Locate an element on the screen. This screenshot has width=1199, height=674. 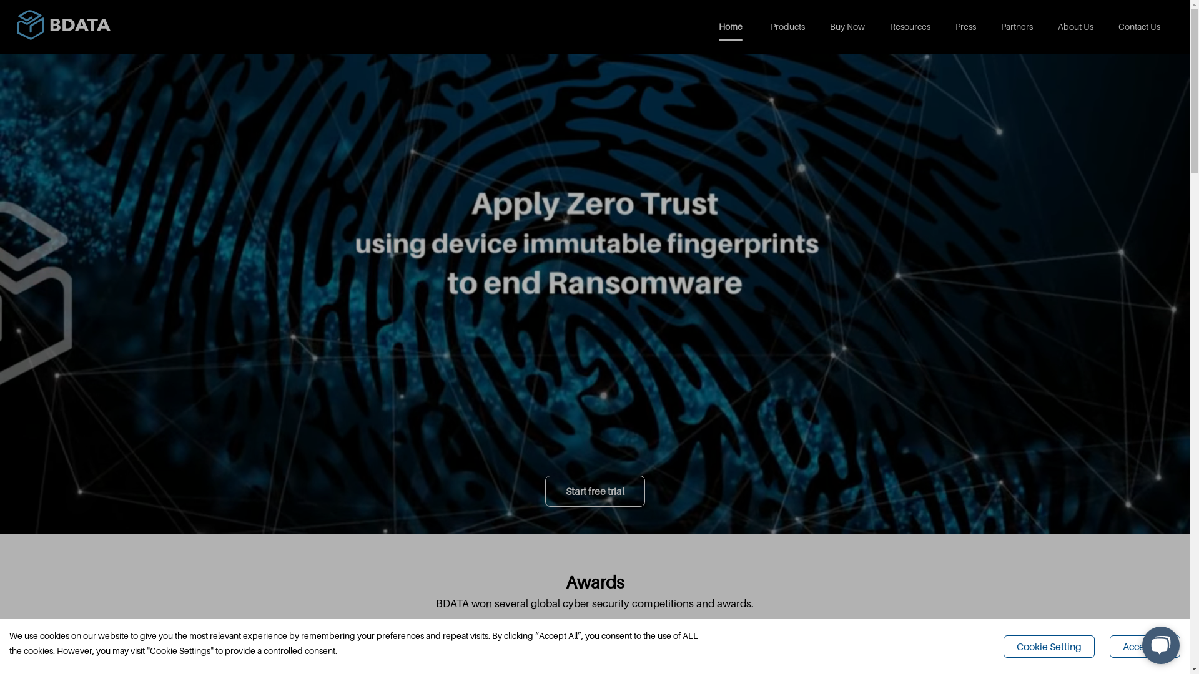
'Accept All' is located at coordinates (1109, 646).